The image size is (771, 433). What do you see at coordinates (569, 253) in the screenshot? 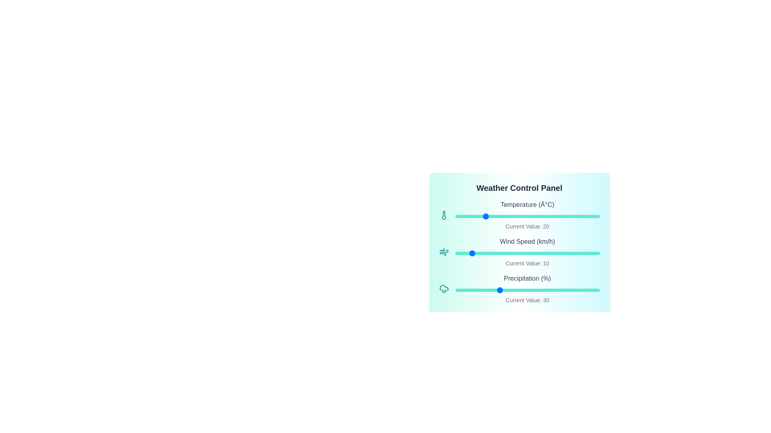
I see `the Wind Speed slider to 79 km/h` at bounding box center [569, 253].